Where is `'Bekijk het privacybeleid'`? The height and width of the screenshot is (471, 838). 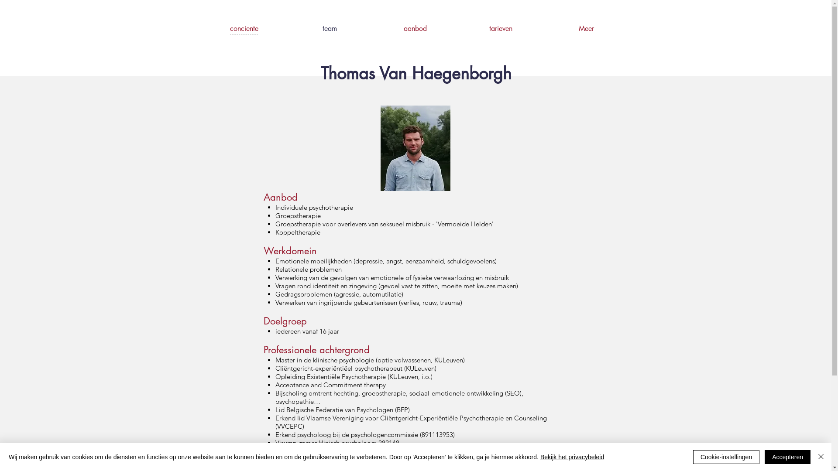
'Bekijk het privacybeleid' is located at coordinates (572, 457).